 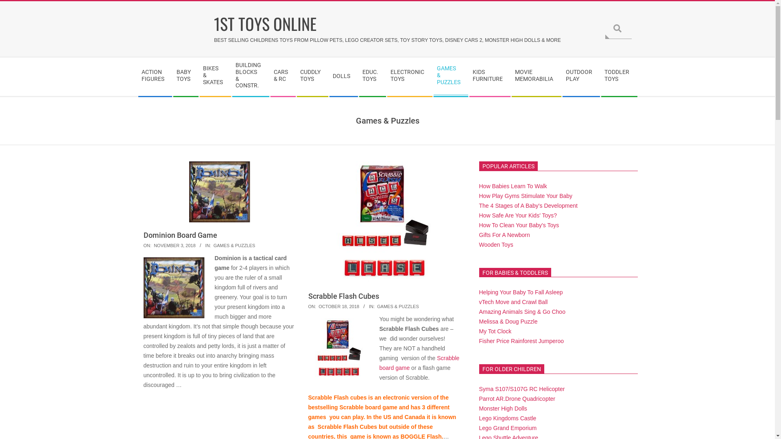 What do you see at coordinates (495, 331) in the screenshot?
I see `'My Tot Clock'` at bounding box center [495, 331].